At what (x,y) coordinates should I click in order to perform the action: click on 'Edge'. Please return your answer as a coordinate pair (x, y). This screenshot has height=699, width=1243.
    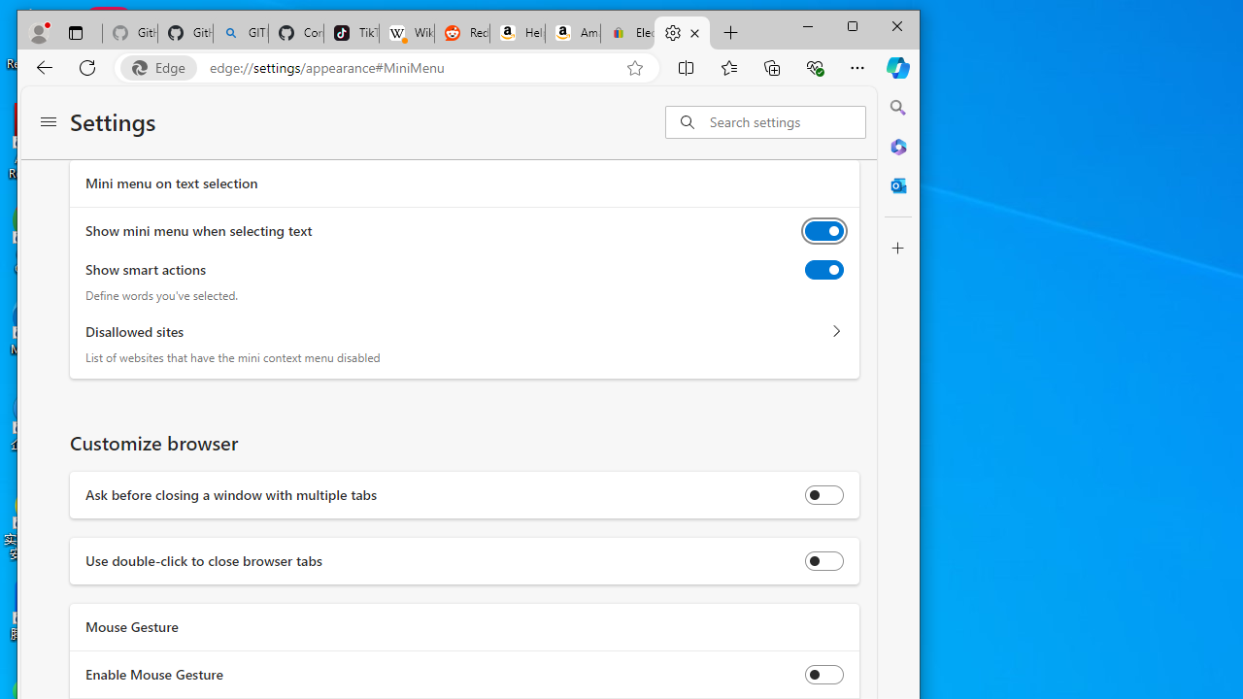
    Looking at the image, I should click on (163, 66).